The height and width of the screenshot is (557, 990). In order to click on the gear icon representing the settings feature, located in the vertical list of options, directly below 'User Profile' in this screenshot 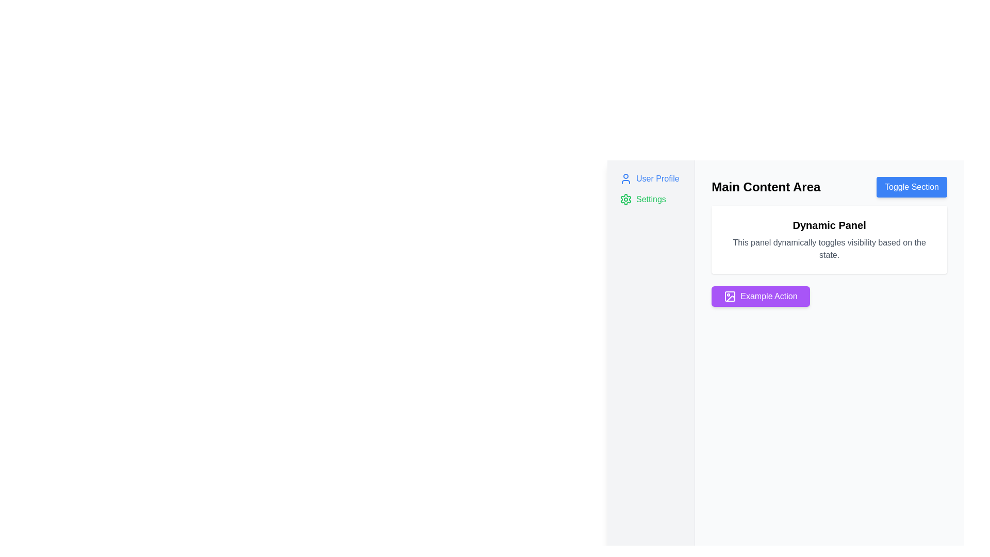, I will do `click(625, 199)`.